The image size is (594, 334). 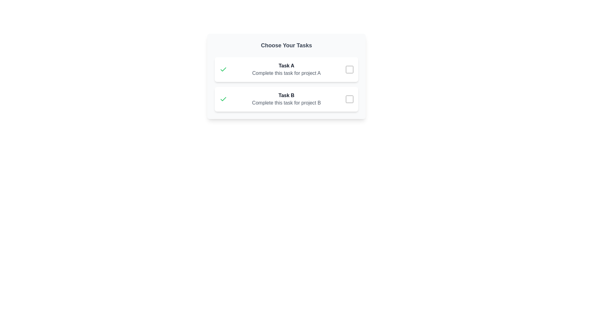 What do you see at coordinates (349, 69) in the screenshot?
I see `the Checkbox located in the top task card labeled 'Task A'` at bounding box center [349, 69].